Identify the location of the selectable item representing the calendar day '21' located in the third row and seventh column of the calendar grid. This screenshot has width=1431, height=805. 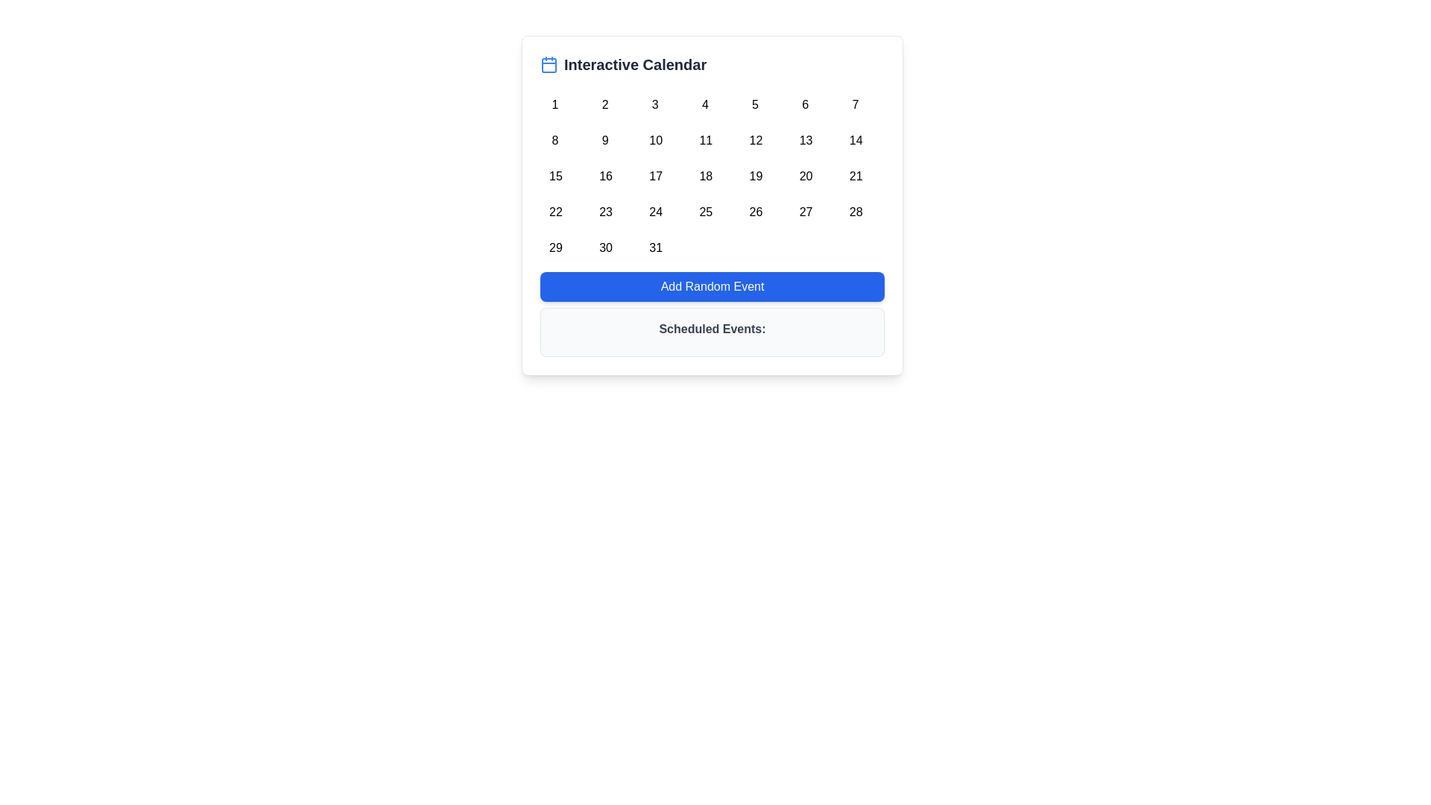
(855, 172).